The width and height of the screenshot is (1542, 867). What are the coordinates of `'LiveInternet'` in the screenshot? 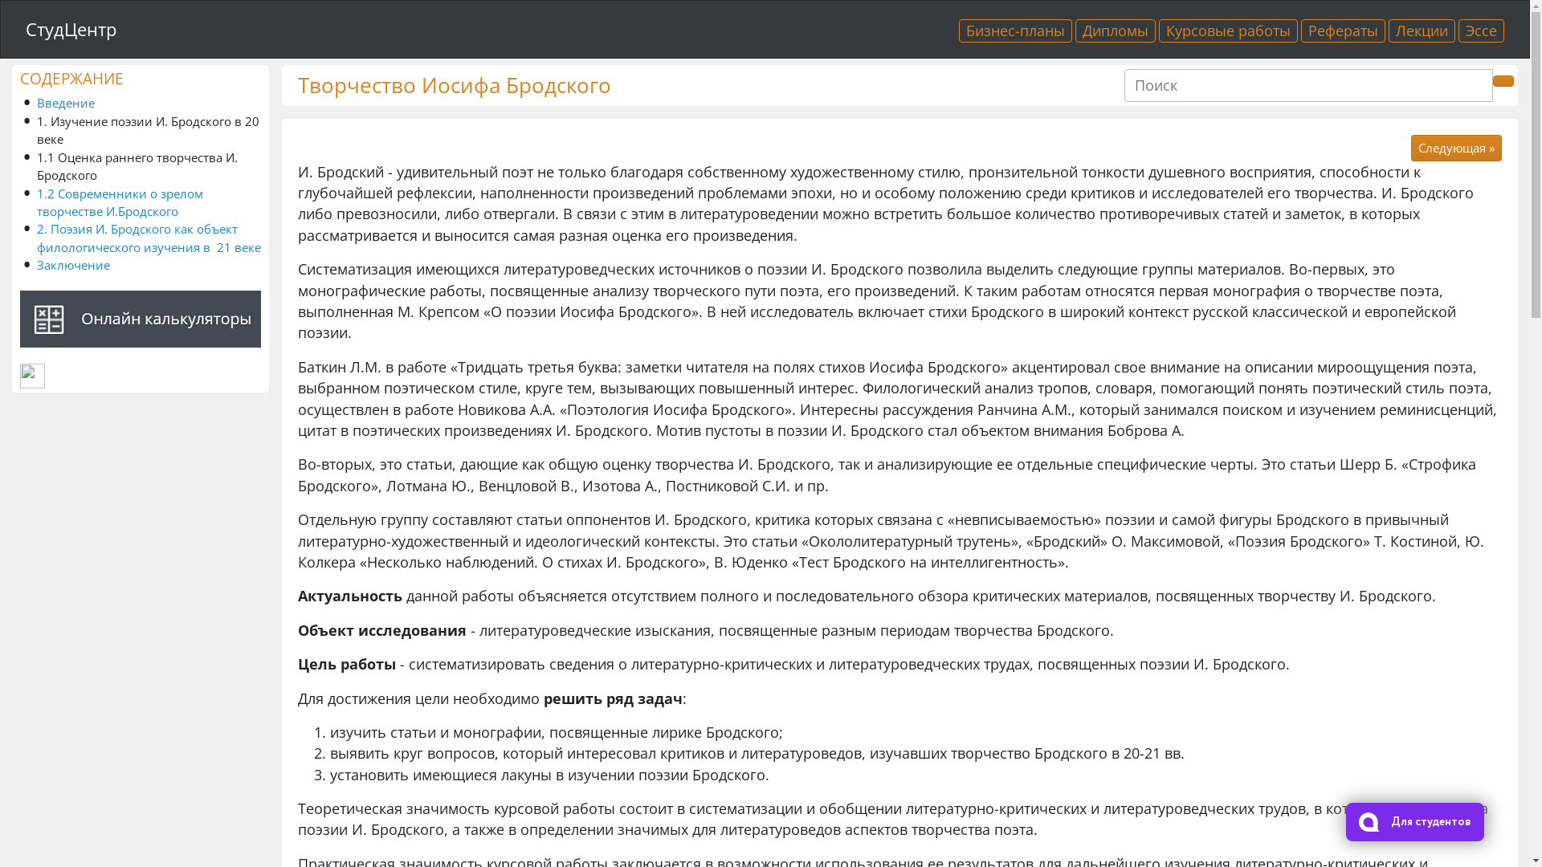 It's located at (32, 376).